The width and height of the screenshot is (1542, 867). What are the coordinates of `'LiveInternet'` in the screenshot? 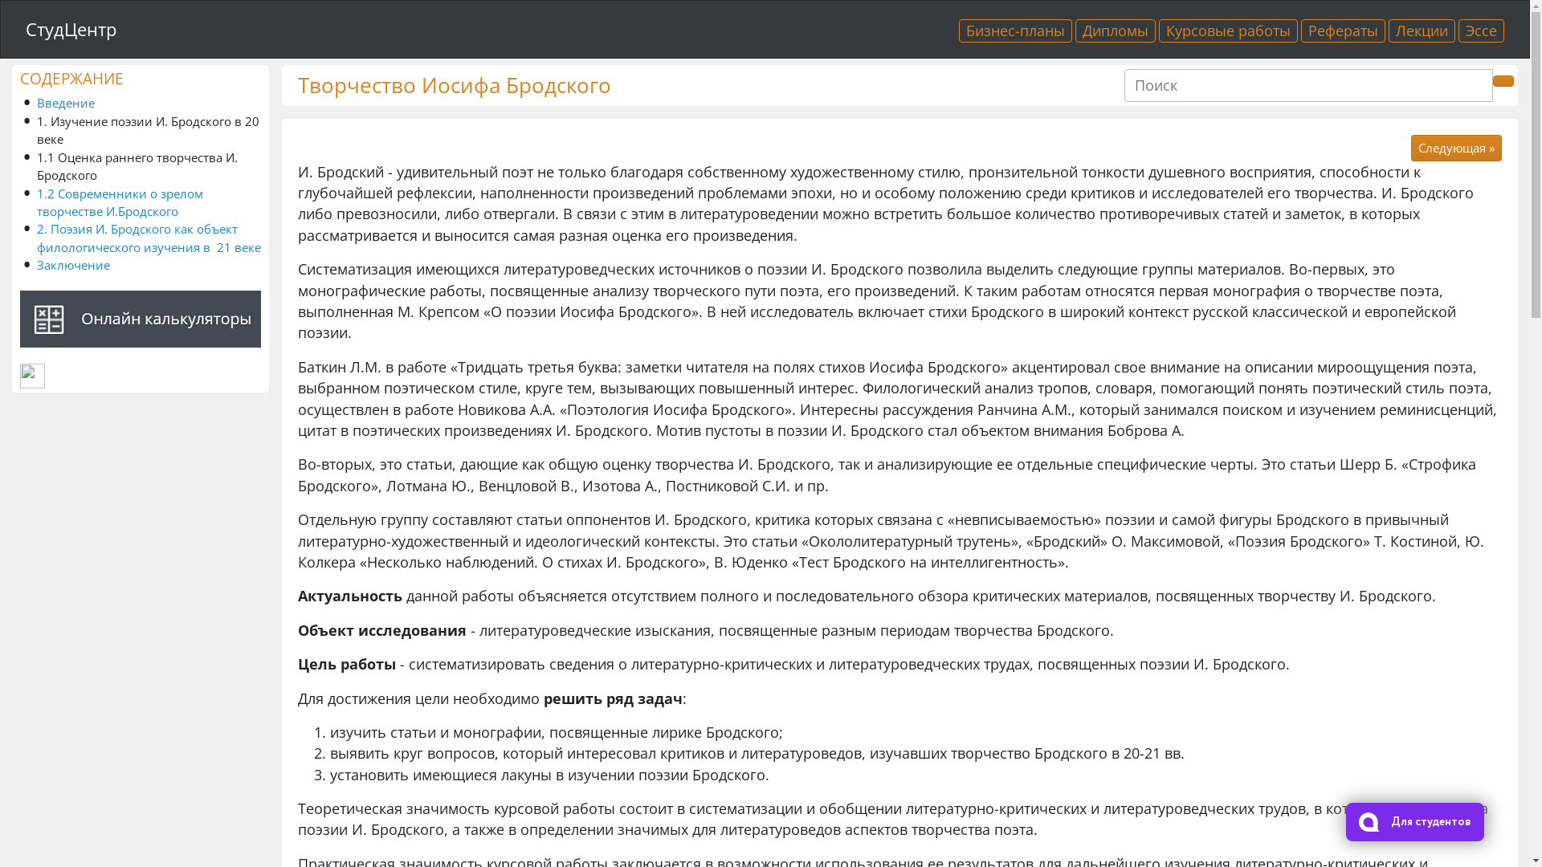 It's located at (32, 376).